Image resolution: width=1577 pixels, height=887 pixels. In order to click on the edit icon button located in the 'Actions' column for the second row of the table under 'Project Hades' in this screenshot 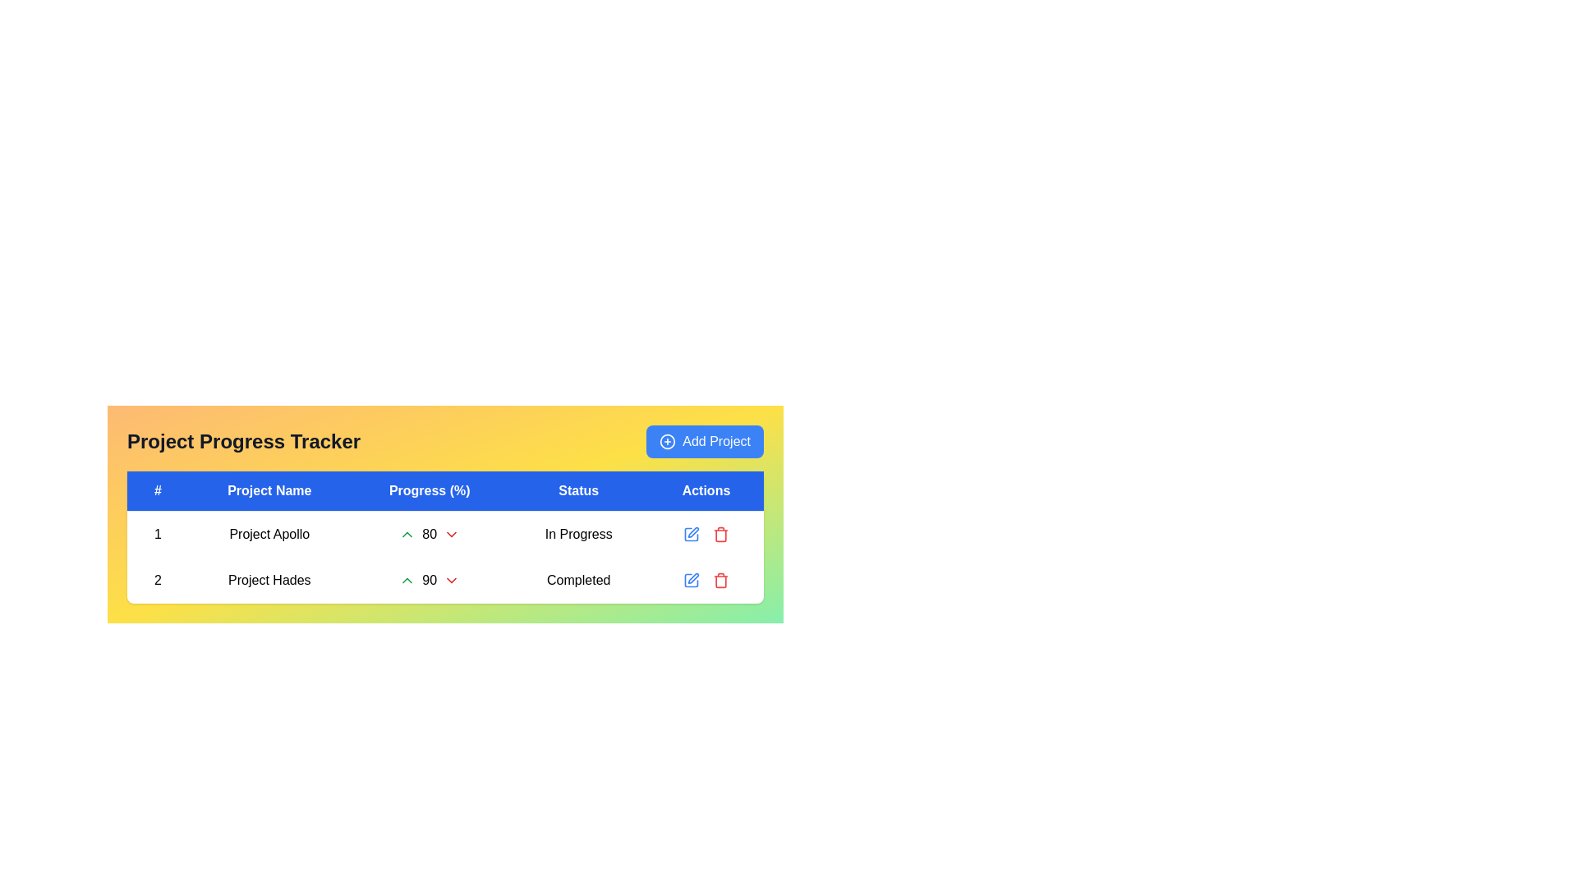, I will do `click(691, 535)`.